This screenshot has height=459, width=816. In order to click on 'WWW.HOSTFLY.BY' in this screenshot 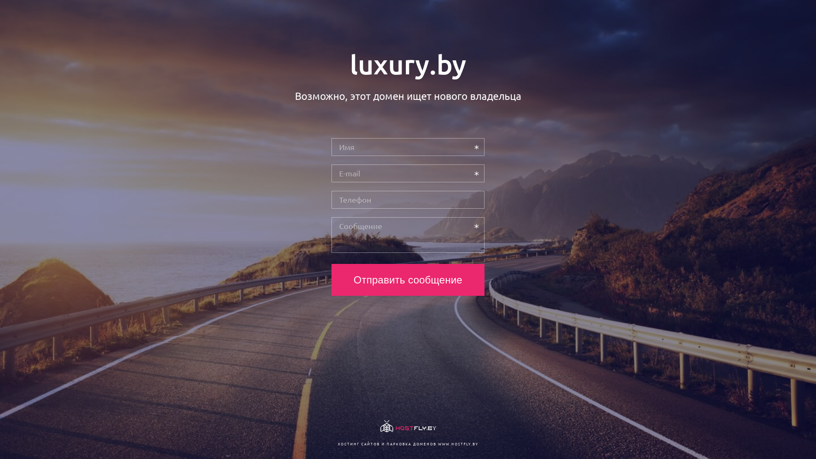, I will do `click(457, 443)`.